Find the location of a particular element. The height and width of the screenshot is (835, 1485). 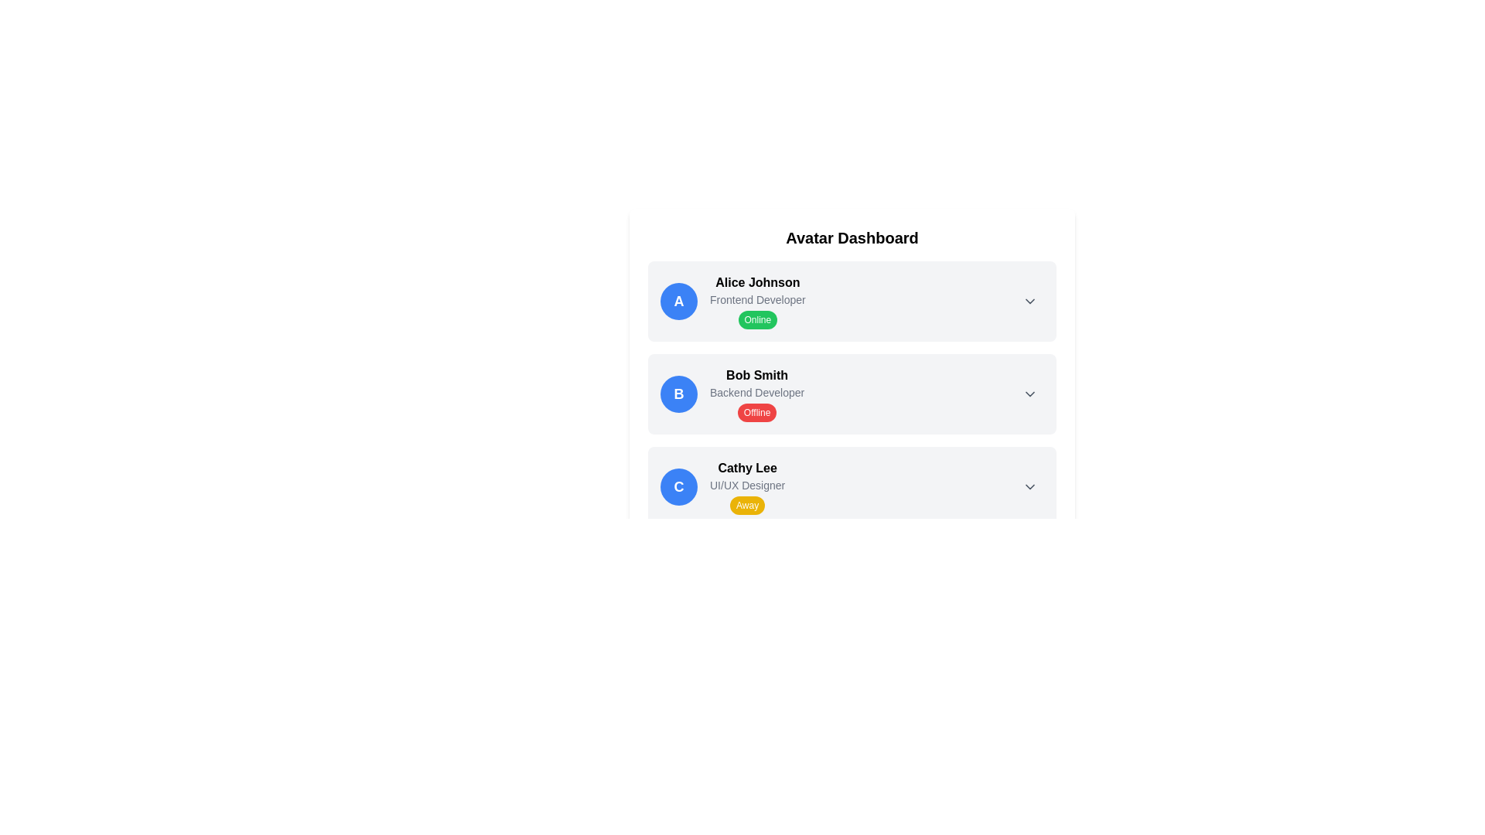

the downwards-facing chevron icon at the end of the 'Cathy Lee, UI/UX Designer, Away' section is located at coordinates (1029, 486).